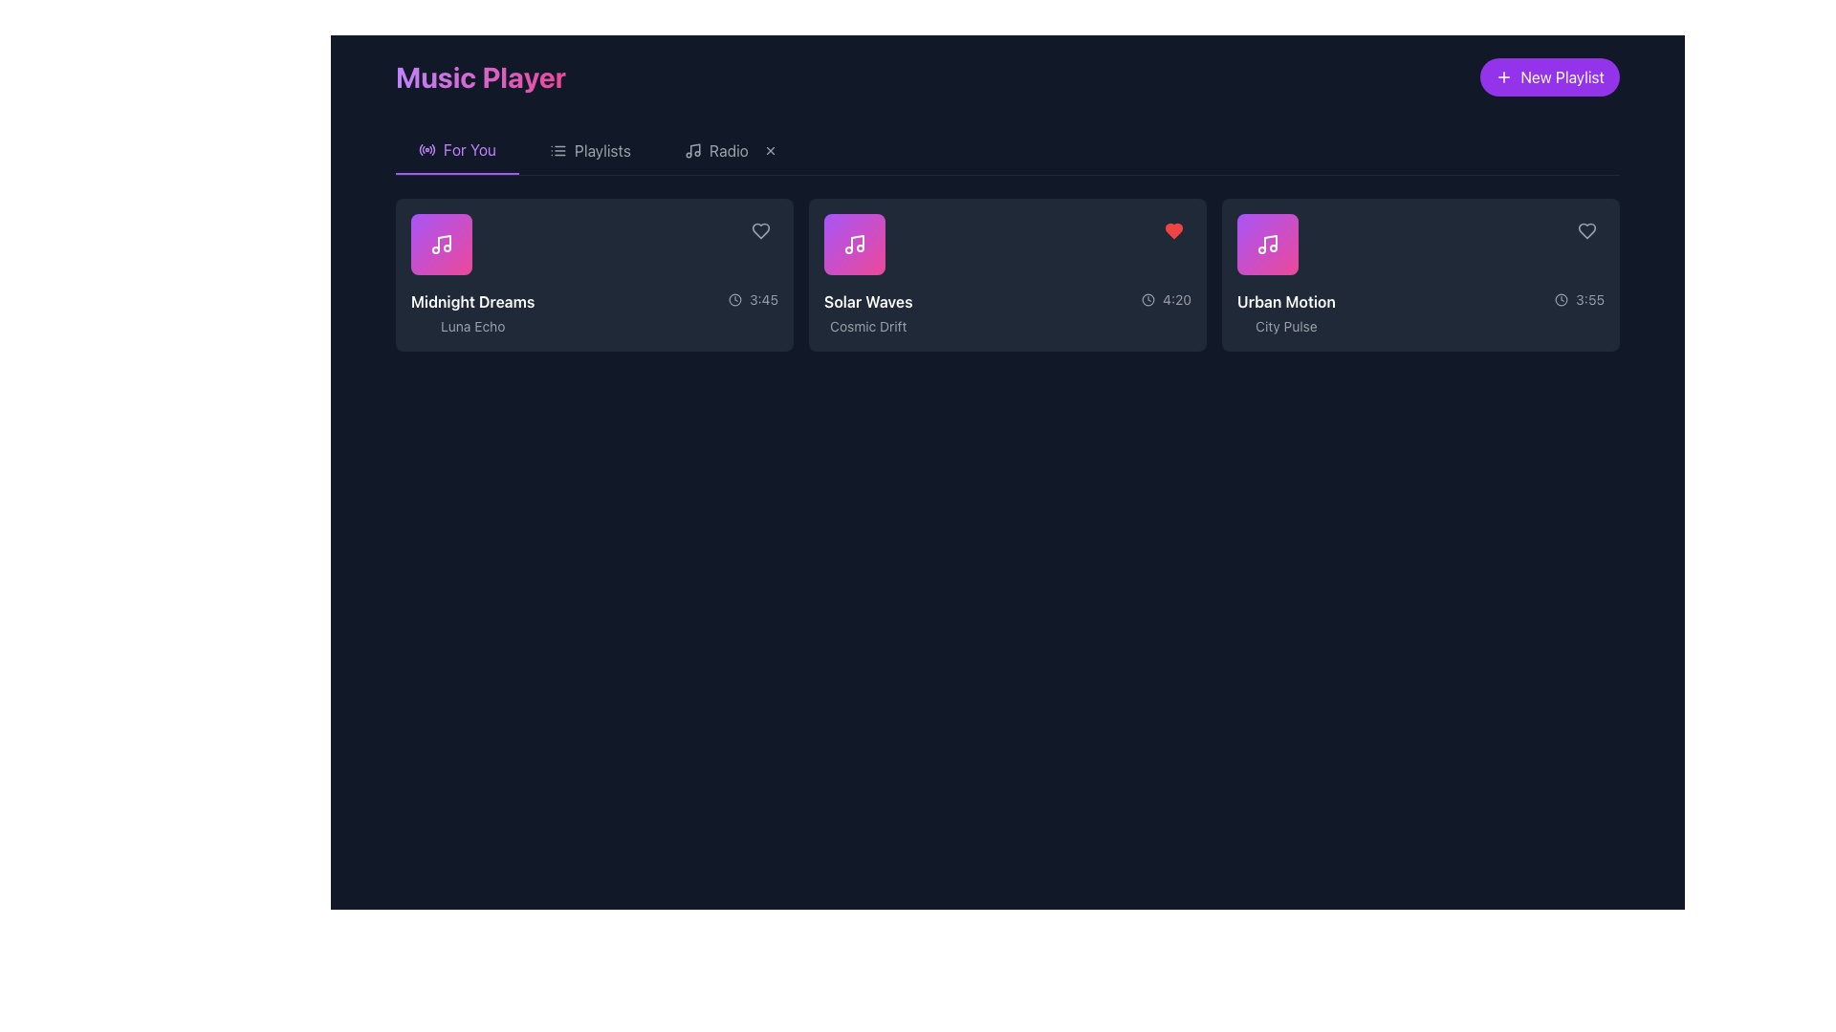 Image resolution: width=1836 pixels, height=1032 pixels. What do you see at coordinates (557, 150) in the screenshot?
I see `the 'Playlists' icon, which is the leftmost element in the 'Playlists' section, to enhance recognizability` at bounding box center [557, 150].